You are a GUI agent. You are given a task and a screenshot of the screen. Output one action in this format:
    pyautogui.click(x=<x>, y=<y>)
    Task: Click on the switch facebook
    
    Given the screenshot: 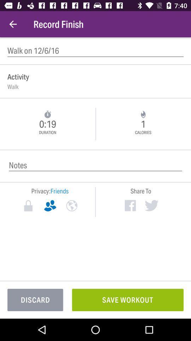 What is the action you would take?
    pyautogui.click(x=130, y=205)
    